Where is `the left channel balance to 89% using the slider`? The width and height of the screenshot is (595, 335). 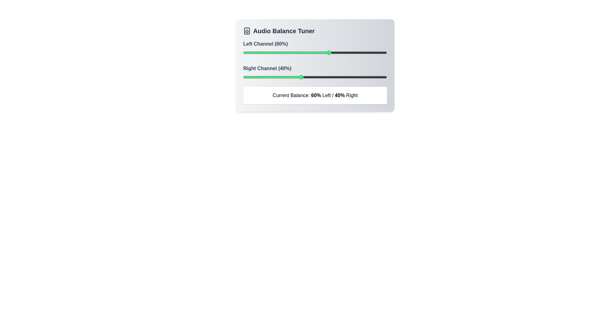 the left channel balance to 89% using the slider is located at coordinates (371, 52).